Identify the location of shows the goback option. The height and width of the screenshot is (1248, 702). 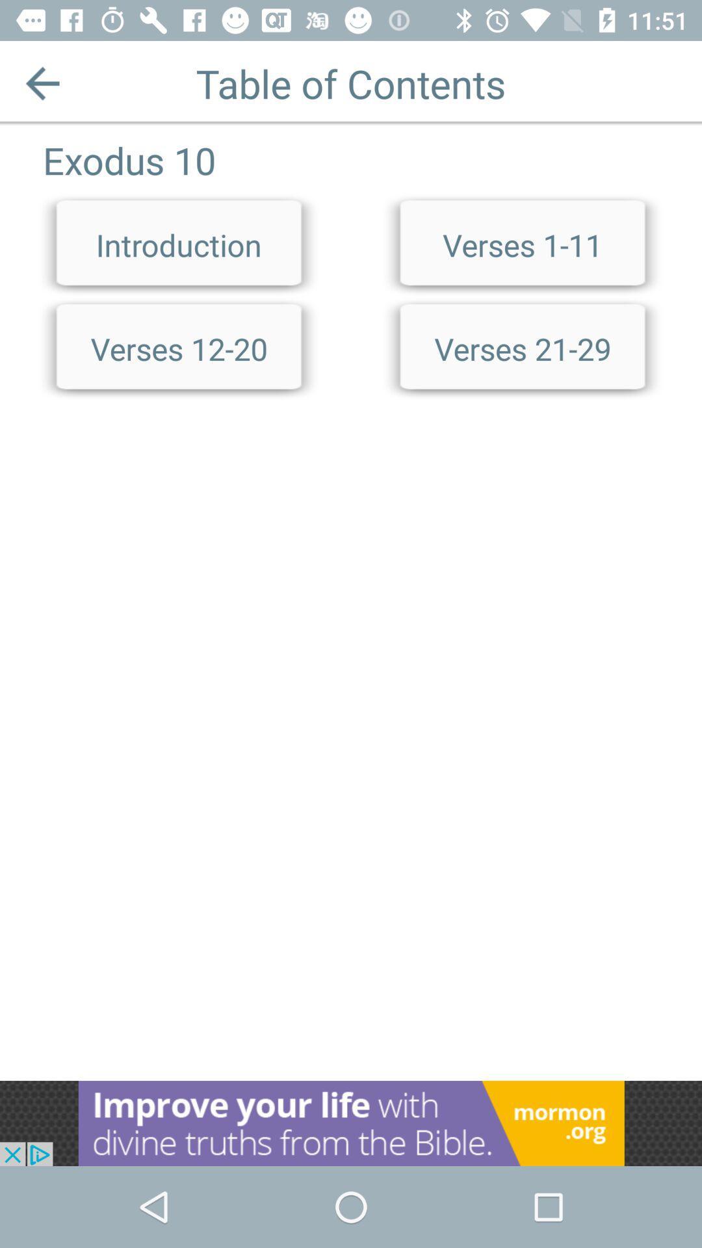
(42, 83).